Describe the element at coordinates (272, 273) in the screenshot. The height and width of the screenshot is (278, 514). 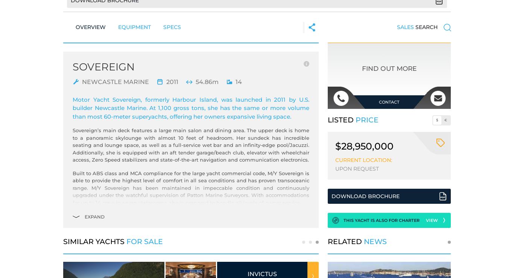
I see `'Galactica Super Nova'` at that location.